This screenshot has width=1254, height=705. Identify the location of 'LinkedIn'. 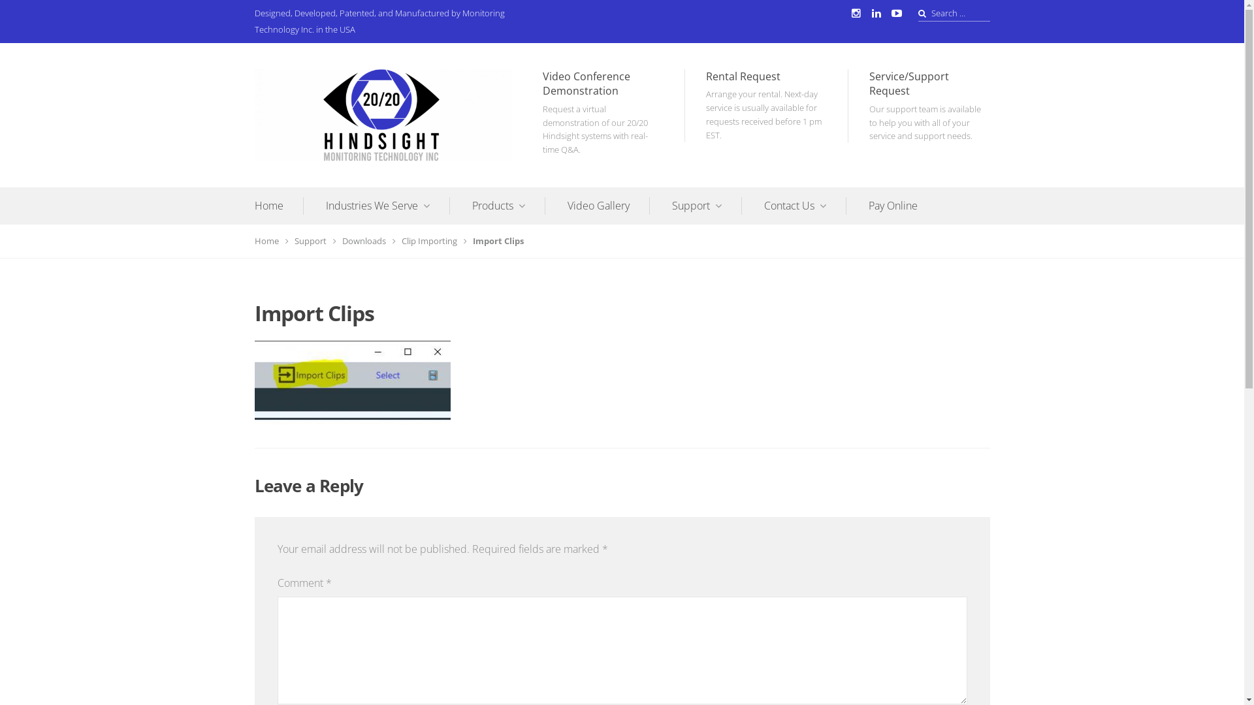
(868, 13).